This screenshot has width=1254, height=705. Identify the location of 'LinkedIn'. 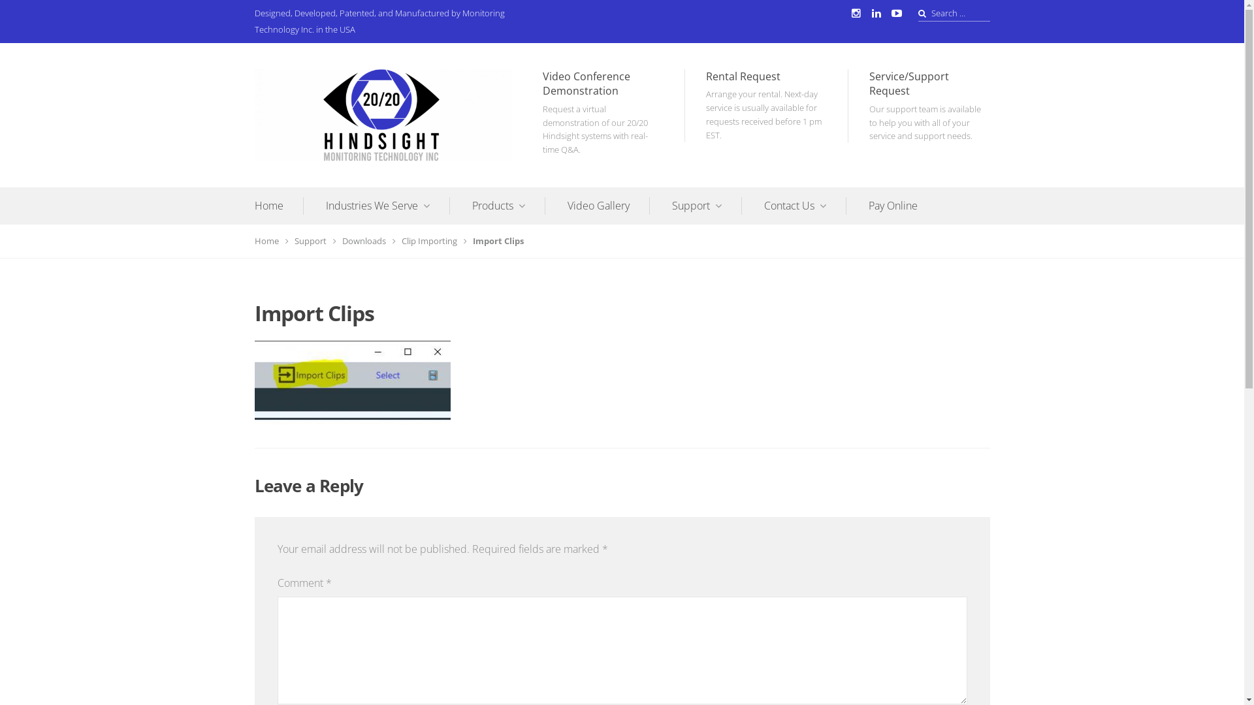
(868, 13).